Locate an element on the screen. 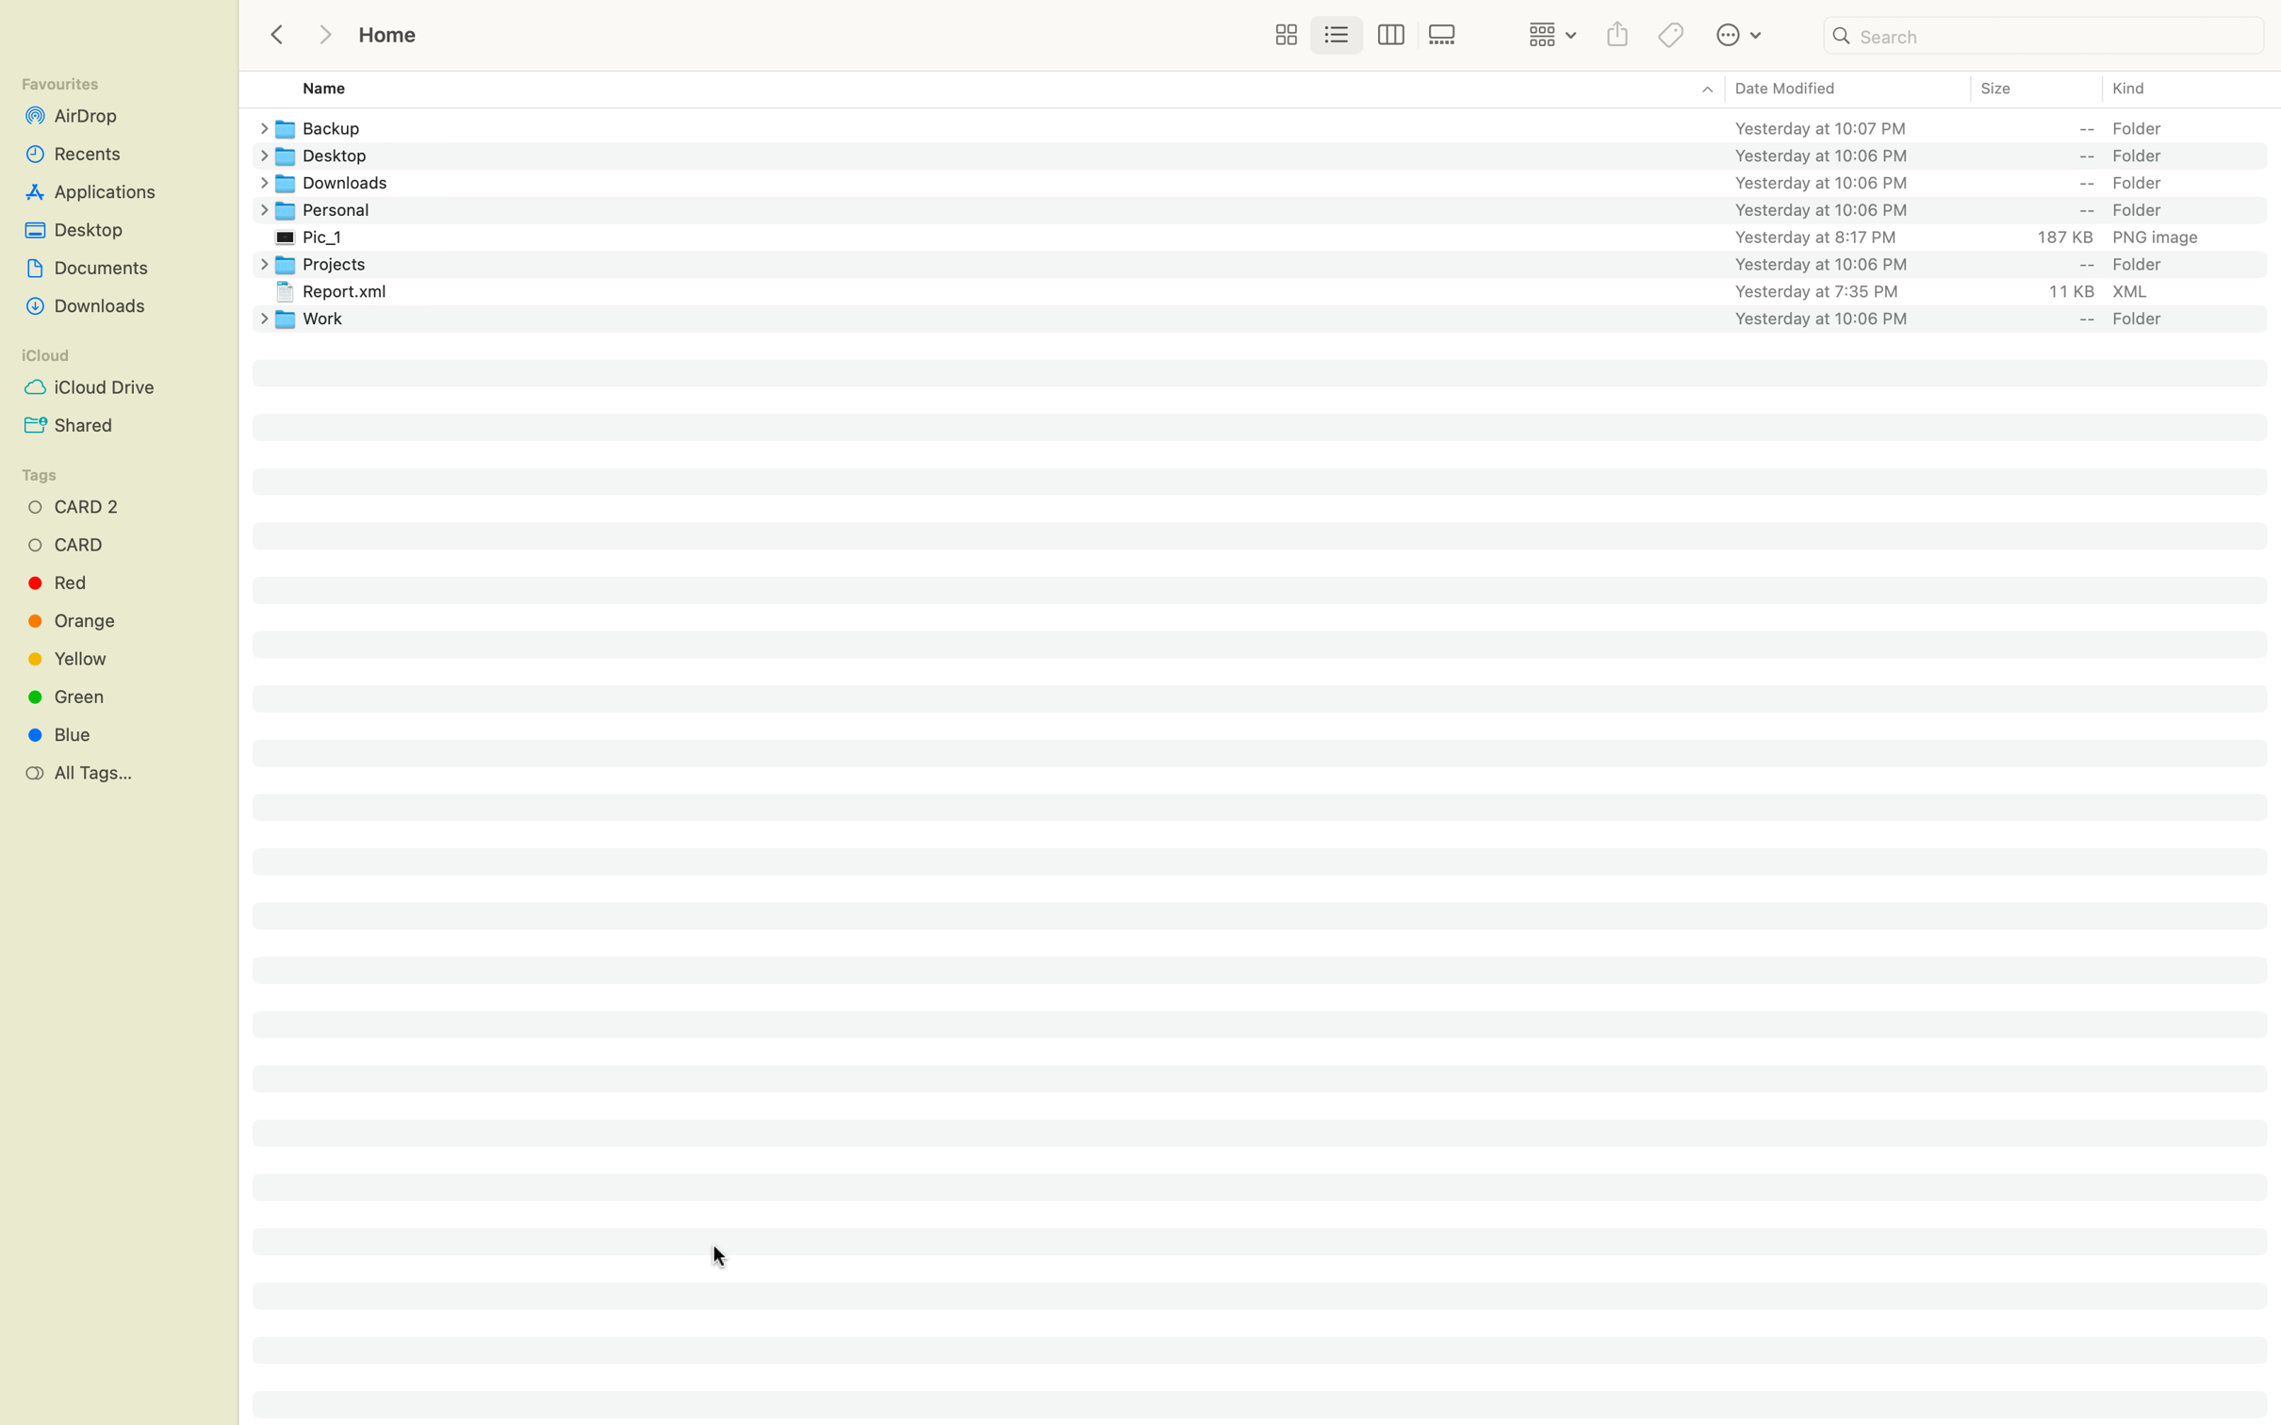 The width and height of the screenshot is (2281, 1425). double click action to open the backup directory is located at coordinates (1277, 125).